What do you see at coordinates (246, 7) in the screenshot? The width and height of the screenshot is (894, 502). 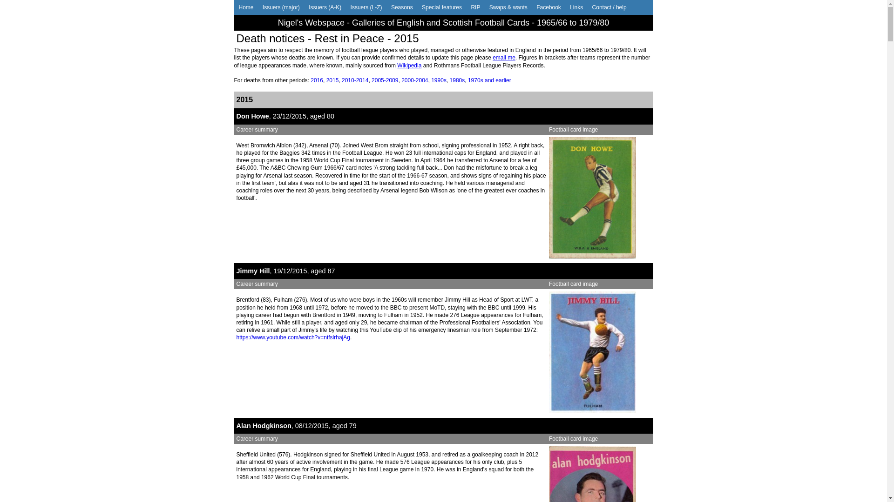 I see `'Home'` at bounding box center [246, 7].